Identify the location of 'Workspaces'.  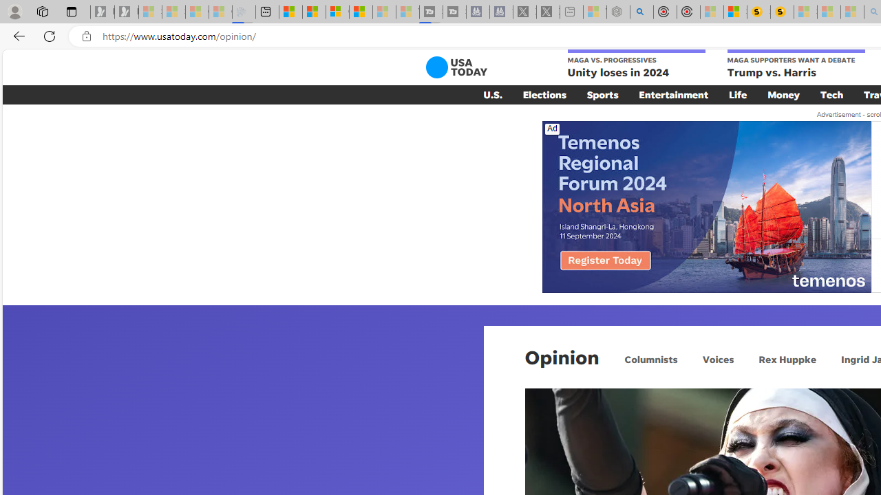
(42, 11).